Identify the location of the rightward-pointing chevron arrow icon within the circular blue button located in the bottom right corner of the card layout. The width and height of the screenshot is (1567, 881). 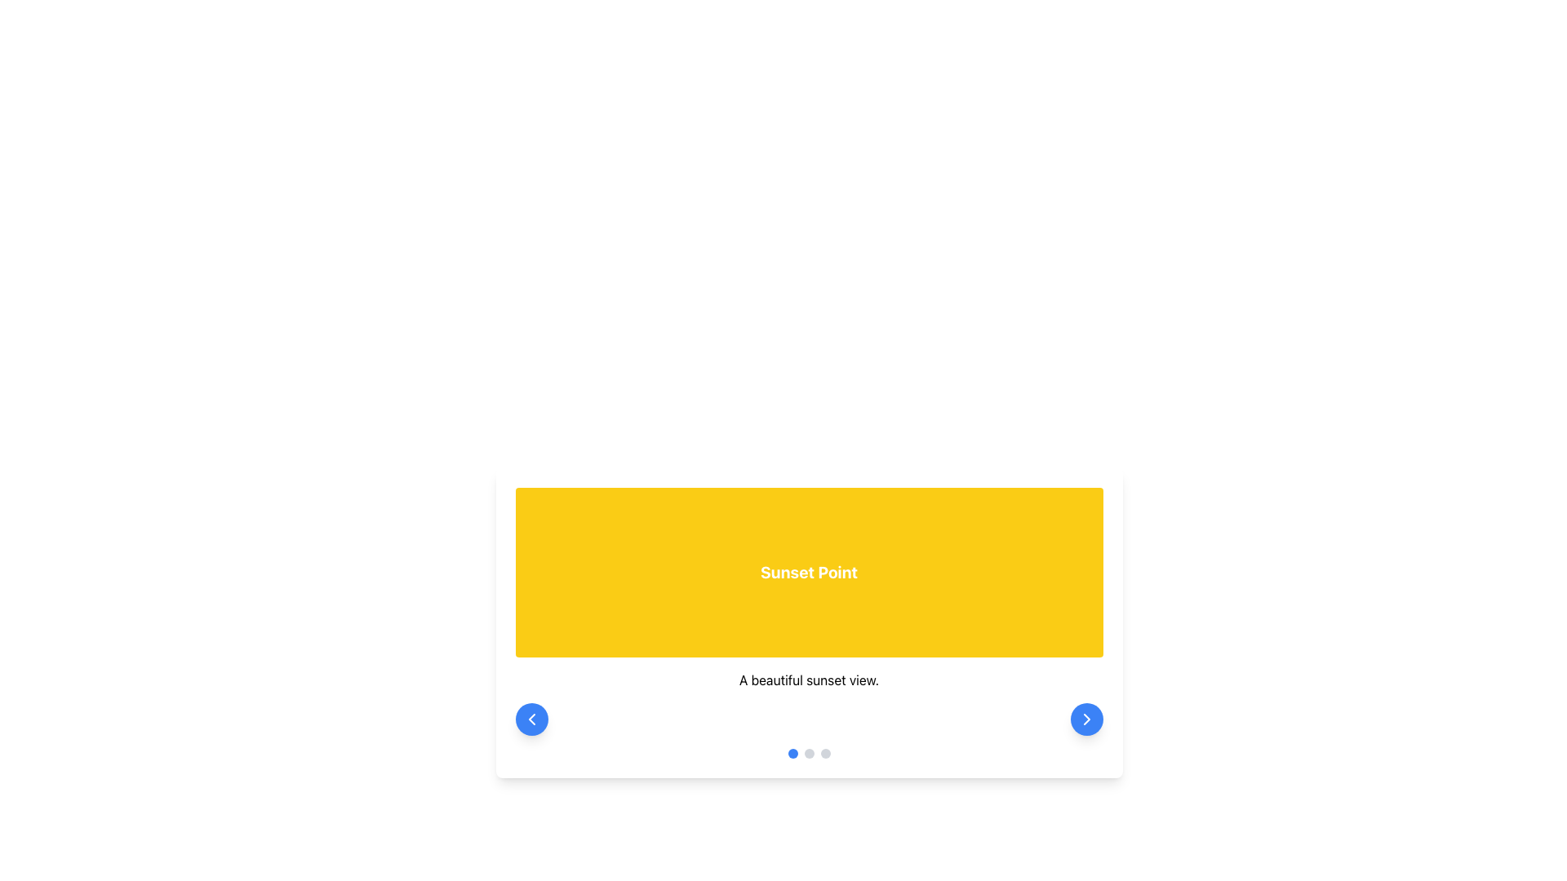
(1086, 719).